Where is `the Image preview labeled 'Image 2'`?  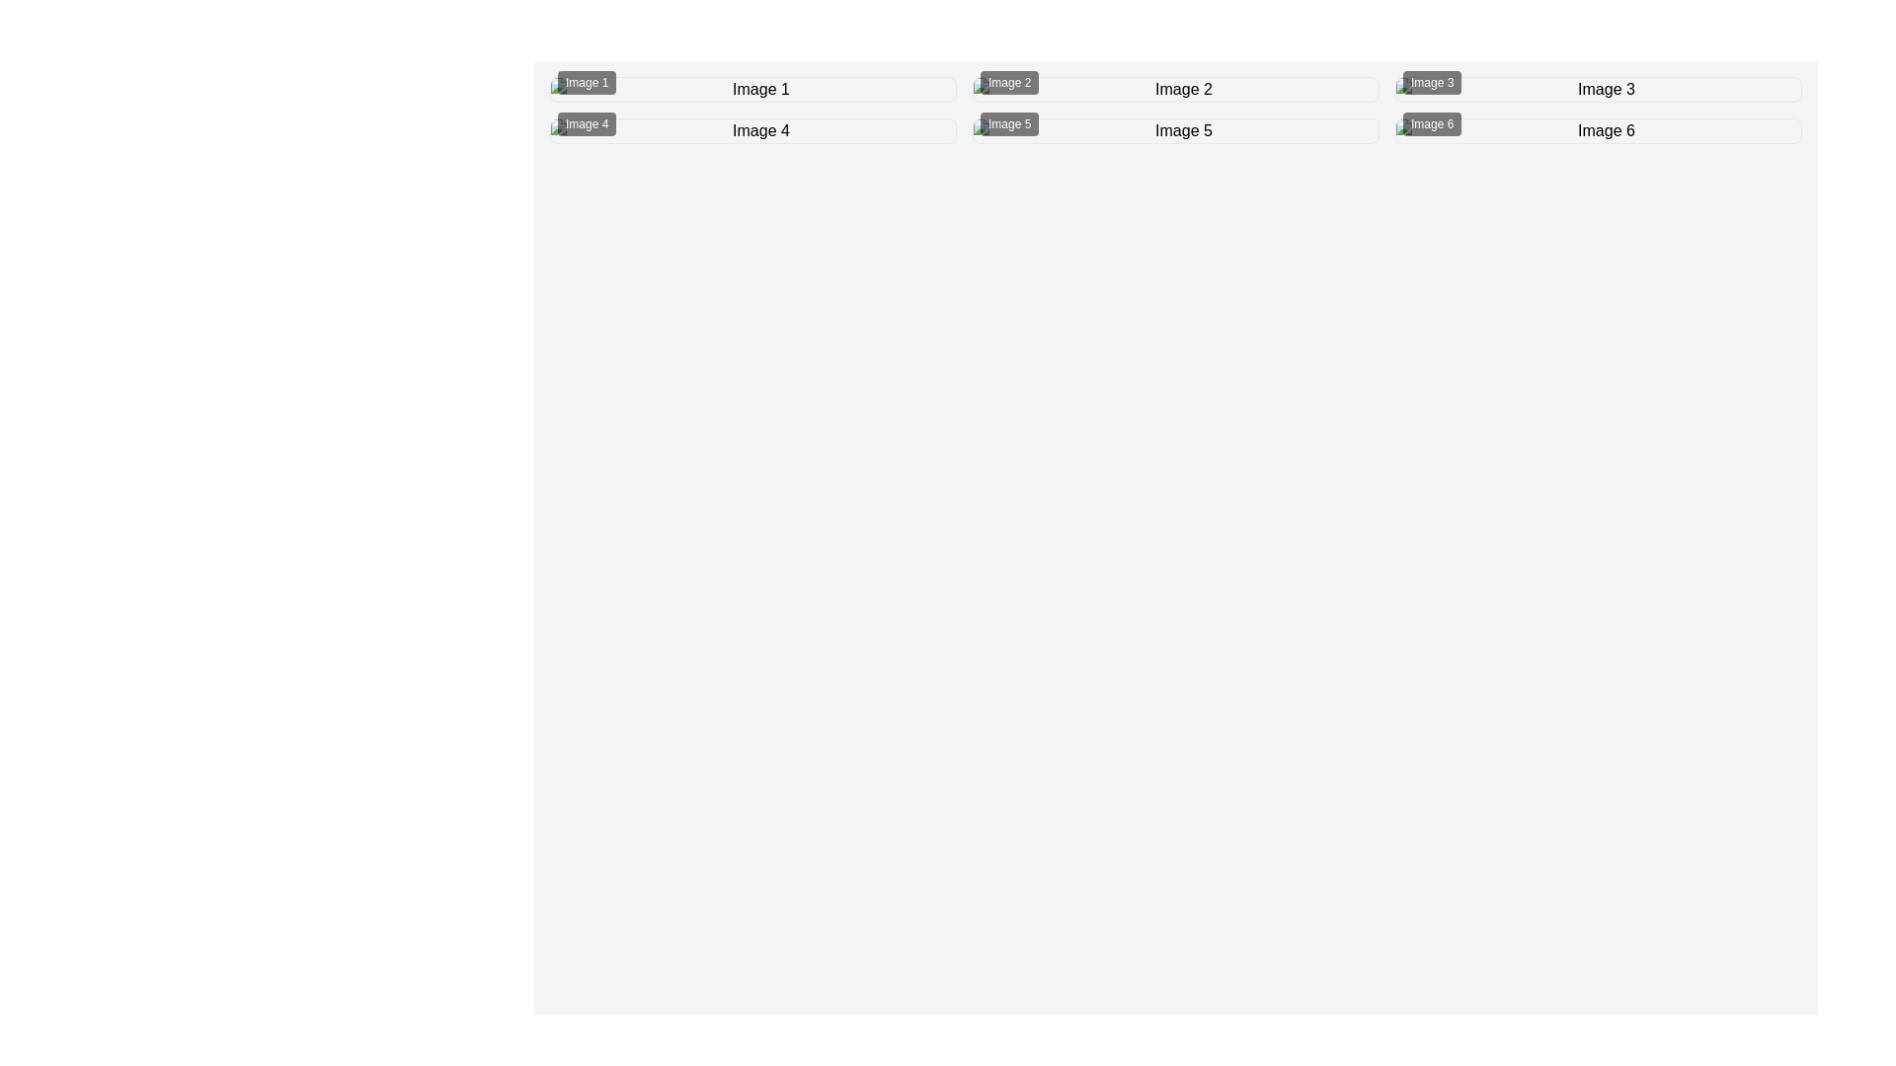
the Image preview labeled 'Image 2' is located at coordinates (1175, 90).